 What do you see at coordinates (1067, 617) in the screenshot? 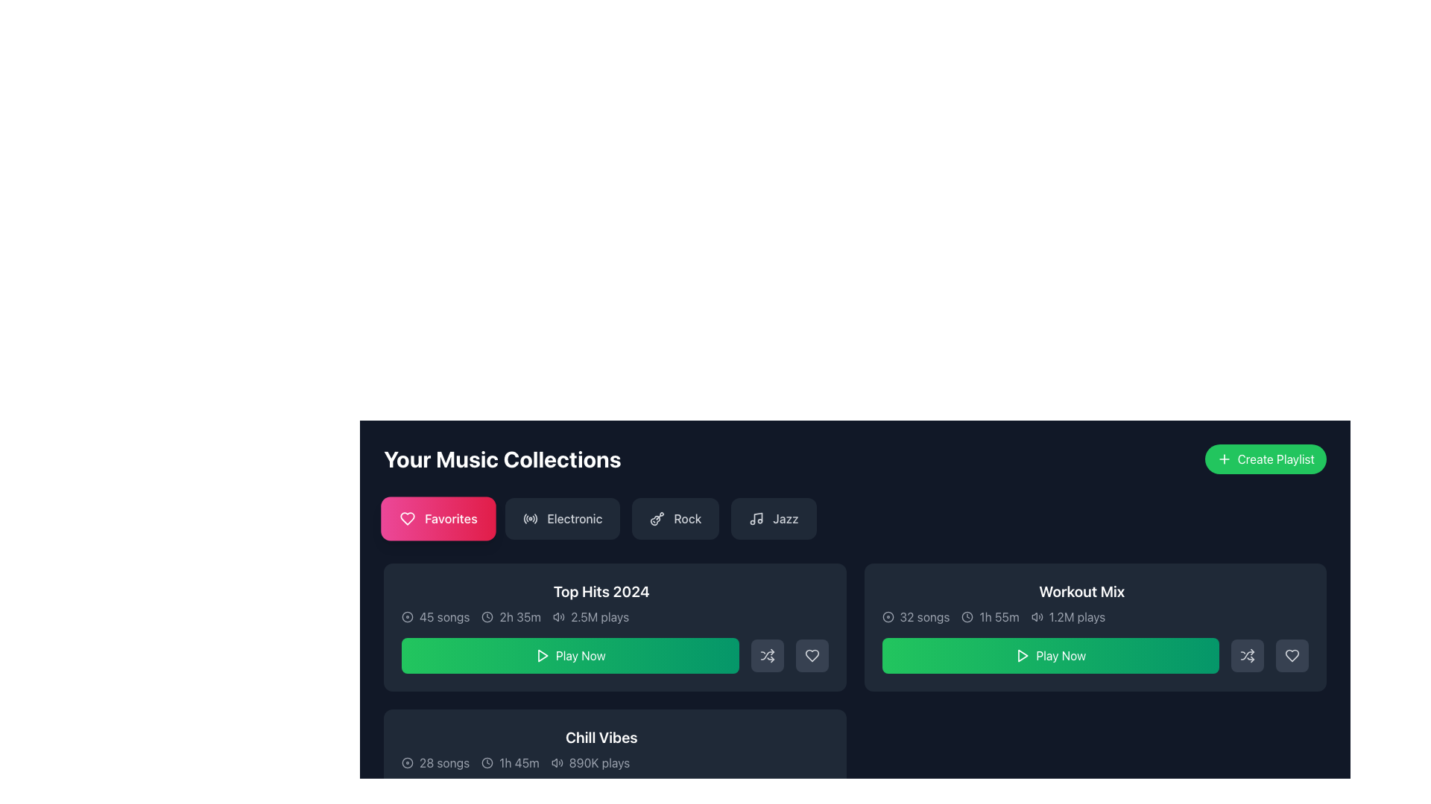
I see `the text block displaying '1.2M plays' accompanied by an audio icon, located at the bottom right section of the 'Workout Mix' collection` at bounding box center [1067, 617].